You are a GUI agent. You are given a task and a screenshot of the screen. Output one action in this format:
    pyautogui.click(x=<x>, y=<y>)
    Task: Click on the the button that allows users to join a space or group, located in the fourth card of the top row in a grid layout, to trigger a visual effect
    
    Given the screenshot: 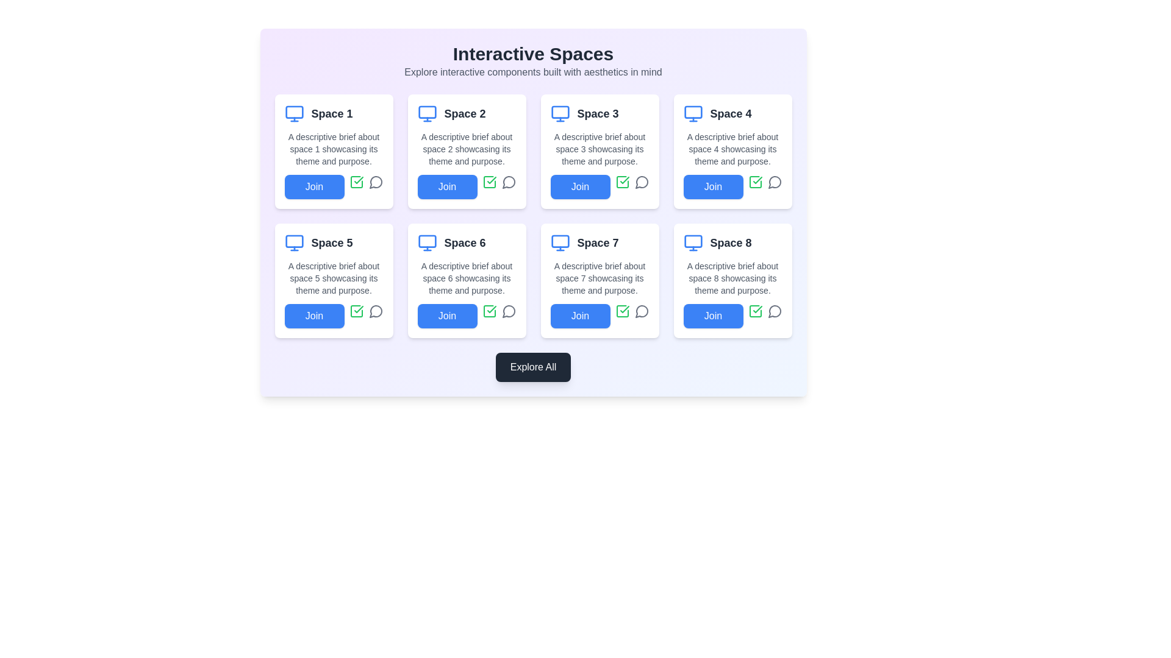 What is the action you would take?
    pyautogui.click(x=713, y=187)
    